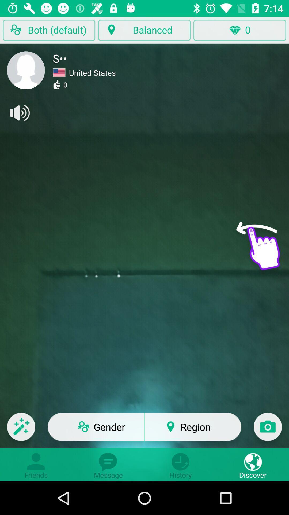 The height and width of the screenshot is (515, 289). Describe the element at coordinates (268, 430) in the screenshot. I see `the photo icon` at that location.